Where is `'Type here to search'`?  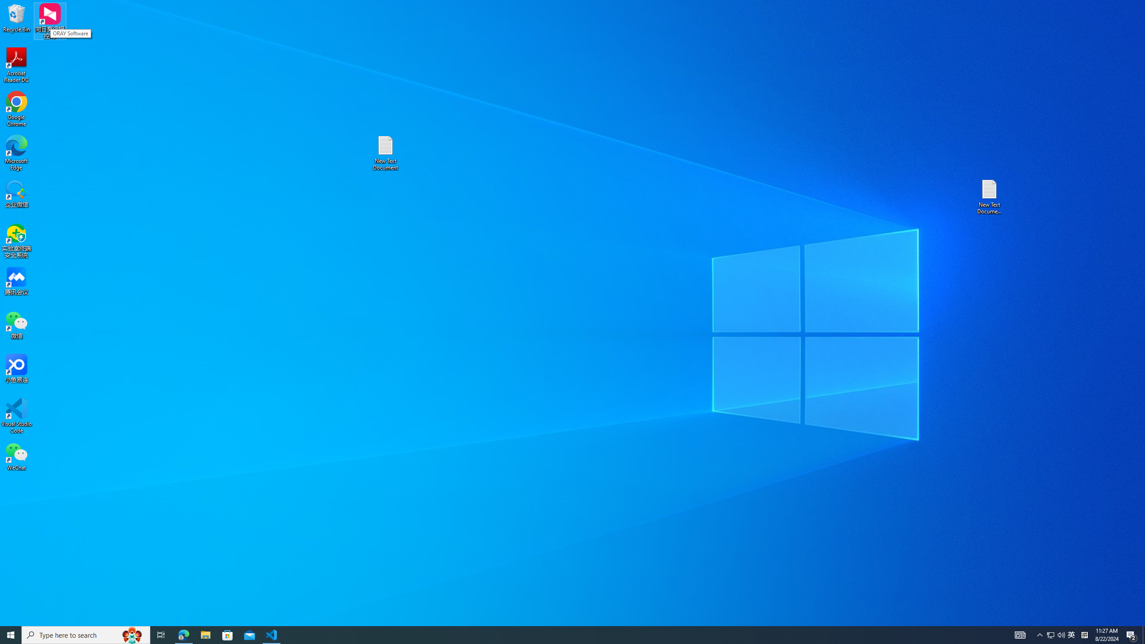 'Type here to search' is located at coordinates (85, 634).